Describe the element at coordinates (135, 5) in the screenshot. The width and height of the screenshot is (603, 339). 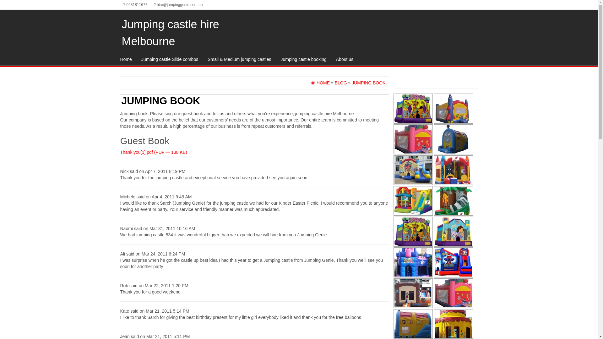
I see `'? 0431811677'` at that location.